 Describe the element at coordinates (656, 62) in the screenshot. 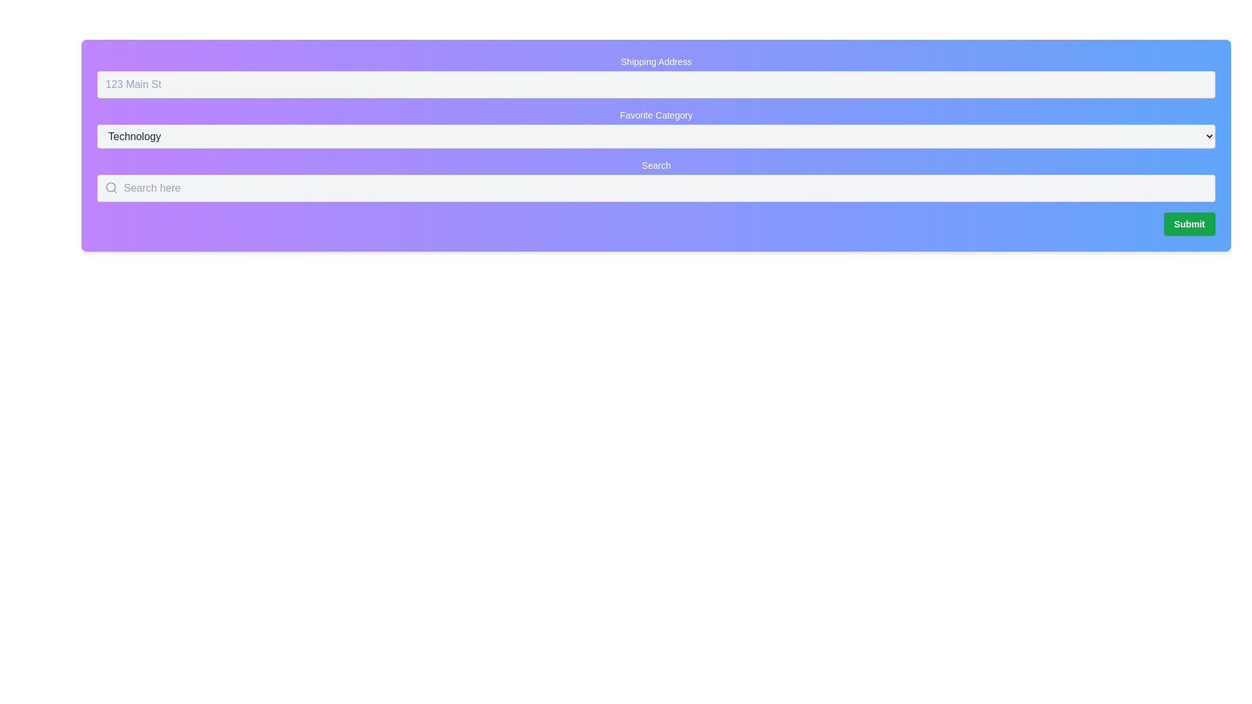

I see `text content of the 'Shipping Address' label, which is a bold text label located at the top of the form UI layout` at that location.